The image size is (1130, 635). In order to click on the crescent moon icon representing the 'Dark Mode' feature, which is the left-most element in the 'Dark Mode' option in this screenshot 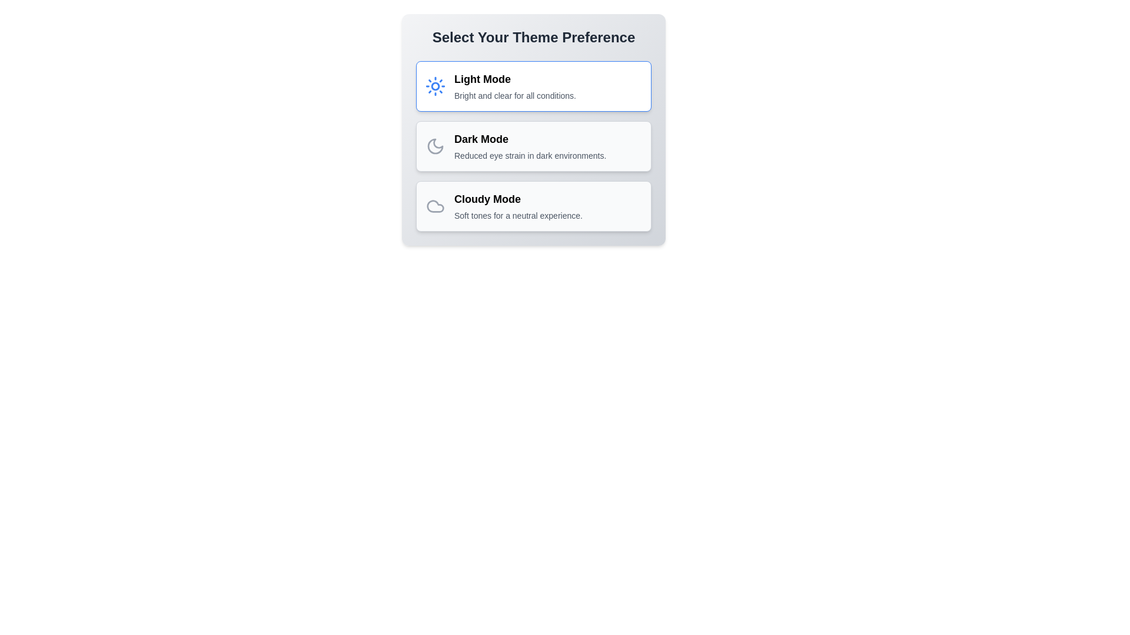, I will do `click(434, 146)`.